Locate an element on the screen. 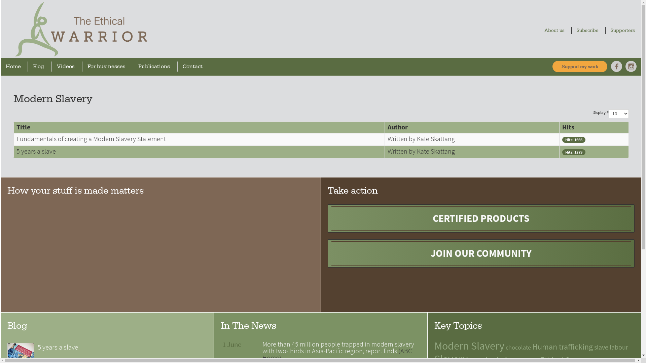 The height and width of the screenshot is (363, 646). 'Subscribe' is located at coordinates (589, 31).